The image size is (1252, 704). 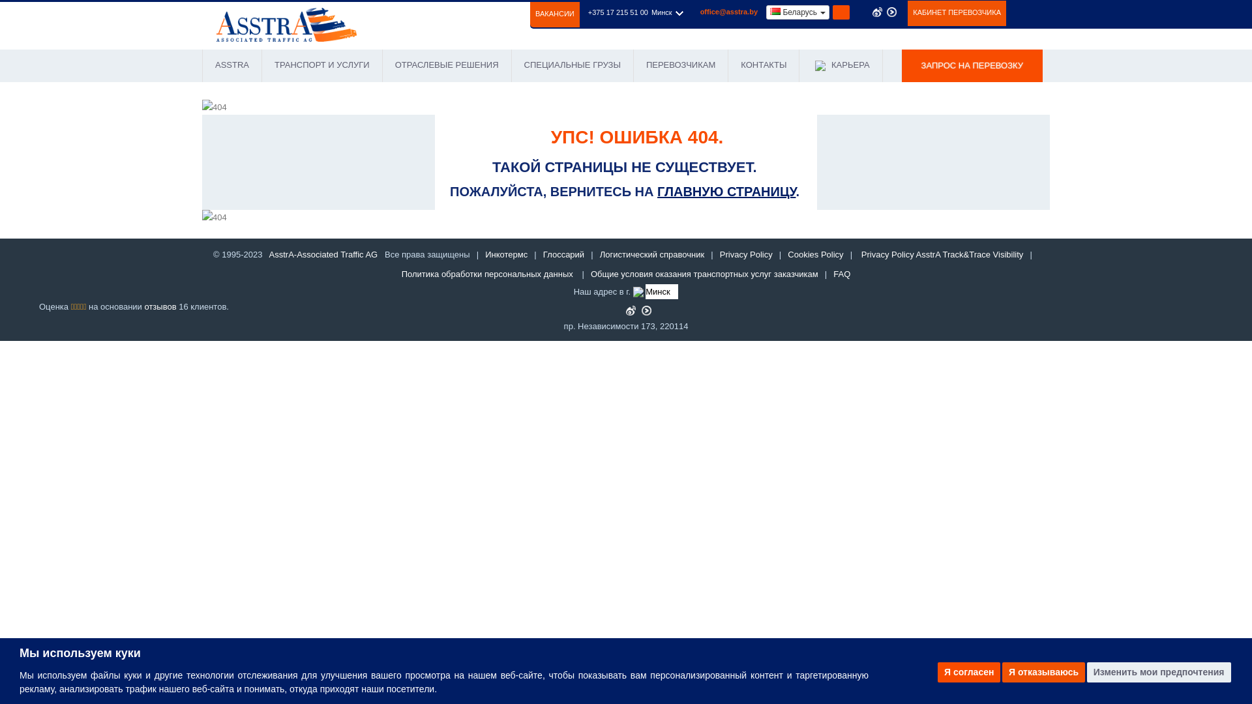 What do you see at coordinates (728, 12) in the screenshot?
I see `'office@asstra.by'` at bounding box center [728, 12].